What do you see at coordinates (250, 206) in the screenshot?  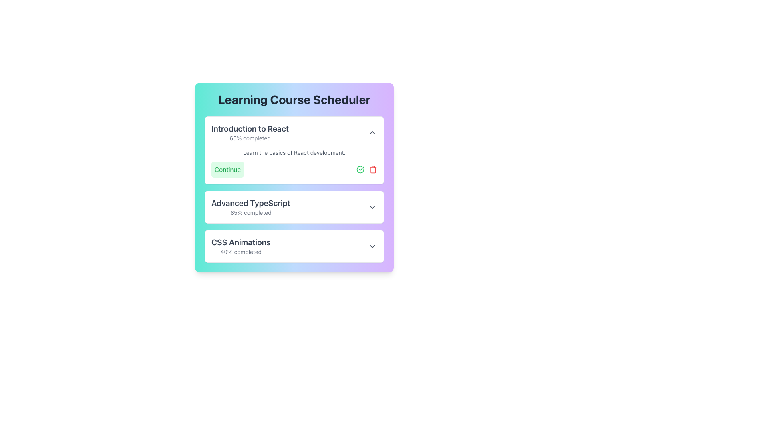 I see `the text label displaying the course title 'Advanced TypeScript' and its completion percentage '85% completed', located in the middle section of the 'Learning Course Scheduler' card` at bounding box center [250, 206].